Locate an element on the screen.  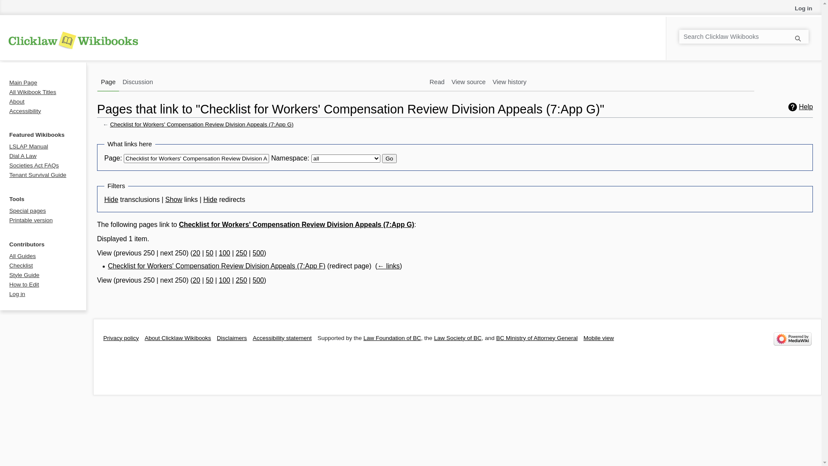
'Law Foundation of BC' is located at coordinates (392, 337).